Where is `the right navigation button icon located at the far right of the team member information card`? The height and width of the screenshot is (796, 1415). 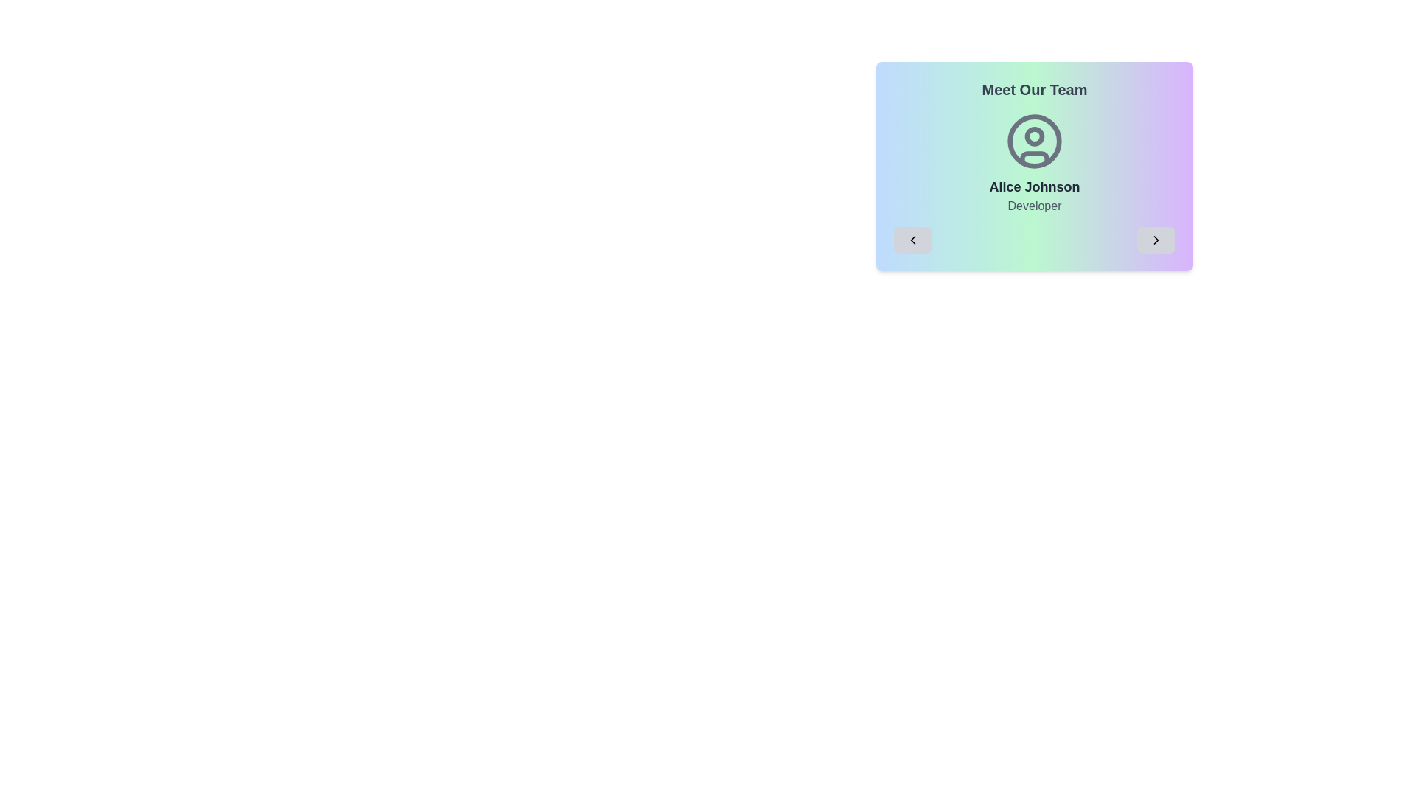
the right navigation button icon located at the far right of the team member information card is located at coordinates (1156, 240).